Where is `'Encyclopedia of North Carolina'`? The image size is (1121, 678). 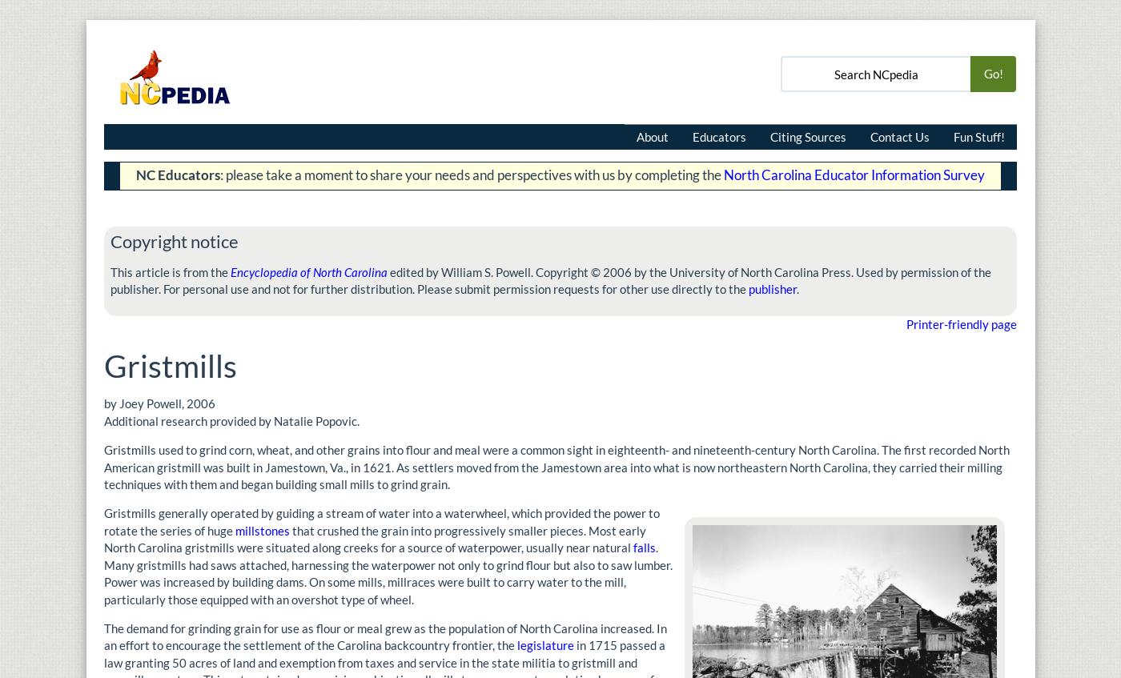
'Encyclopedia of North Carolina' is located at coordinates (308, 271).